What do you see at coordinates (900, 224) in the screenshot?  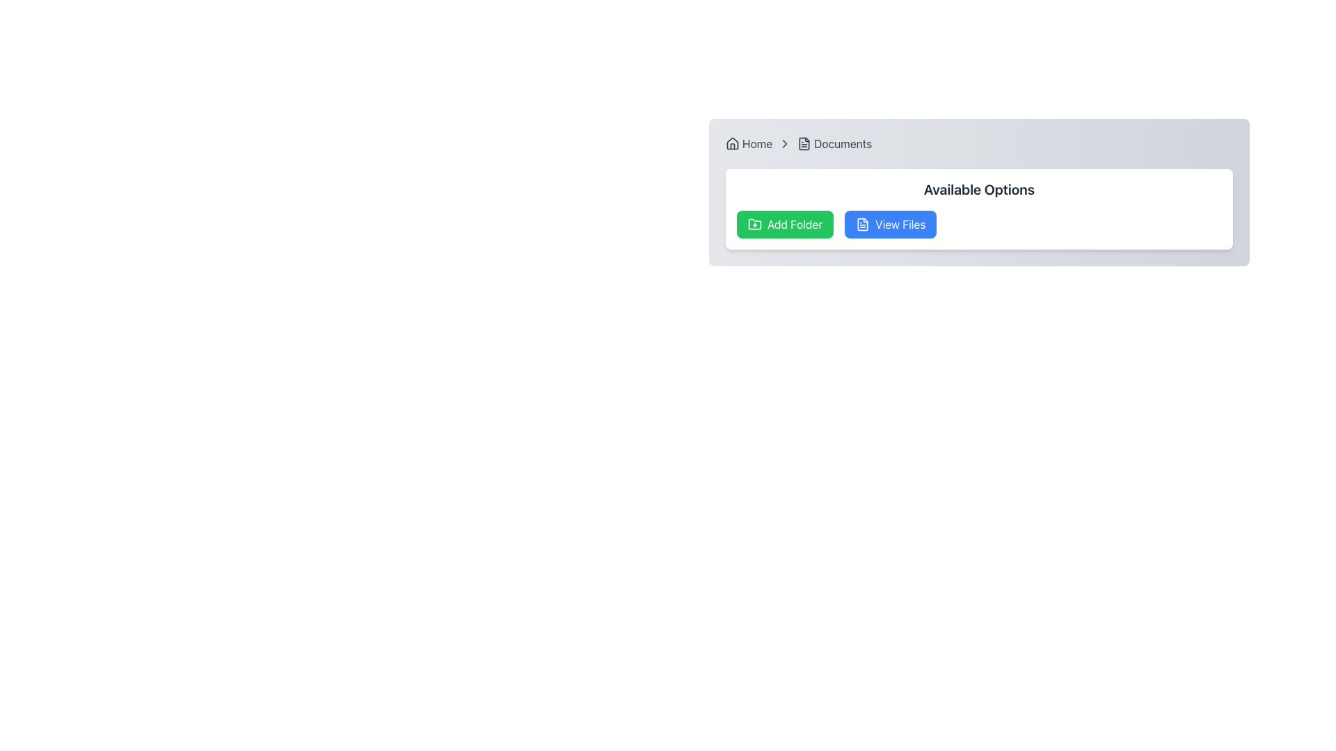 I see `the 'View Files' button, which is a blue button with white bold text, located` at bounding box center [900, 224].